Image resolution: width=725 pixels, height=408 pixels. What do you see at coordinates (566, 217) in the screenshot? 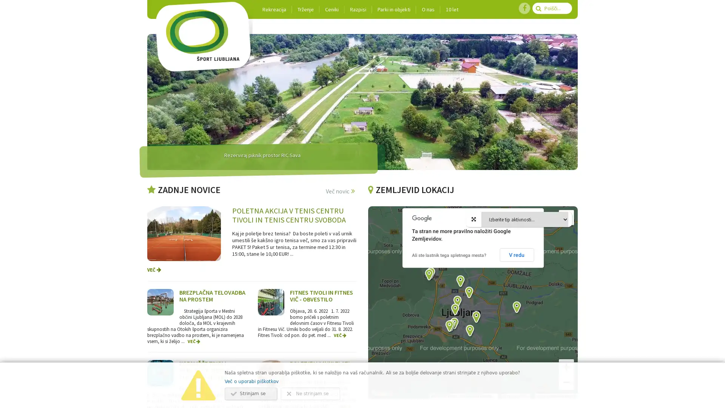
I see `Preklopi v celozaslonski pogled` at bounding box center [566, 217].